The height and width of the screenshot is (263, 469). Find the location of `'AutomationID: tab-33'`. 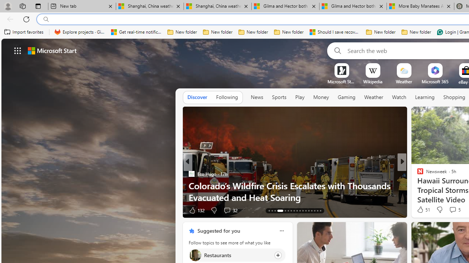

'AutomationID: tab-33' is located at coordinates (320, 211).